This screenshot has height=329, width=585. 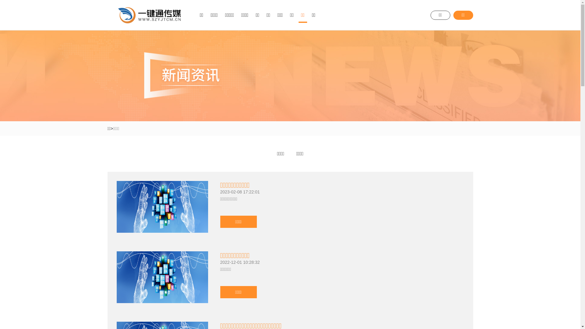 I want to click on '>', so click(x=112, y=128).